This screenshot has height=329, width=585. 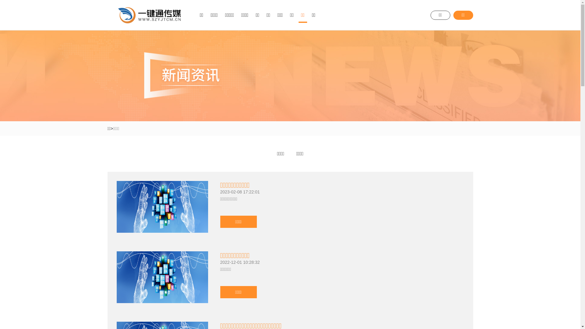 I want to click on '>', so click(x=112, y=128).